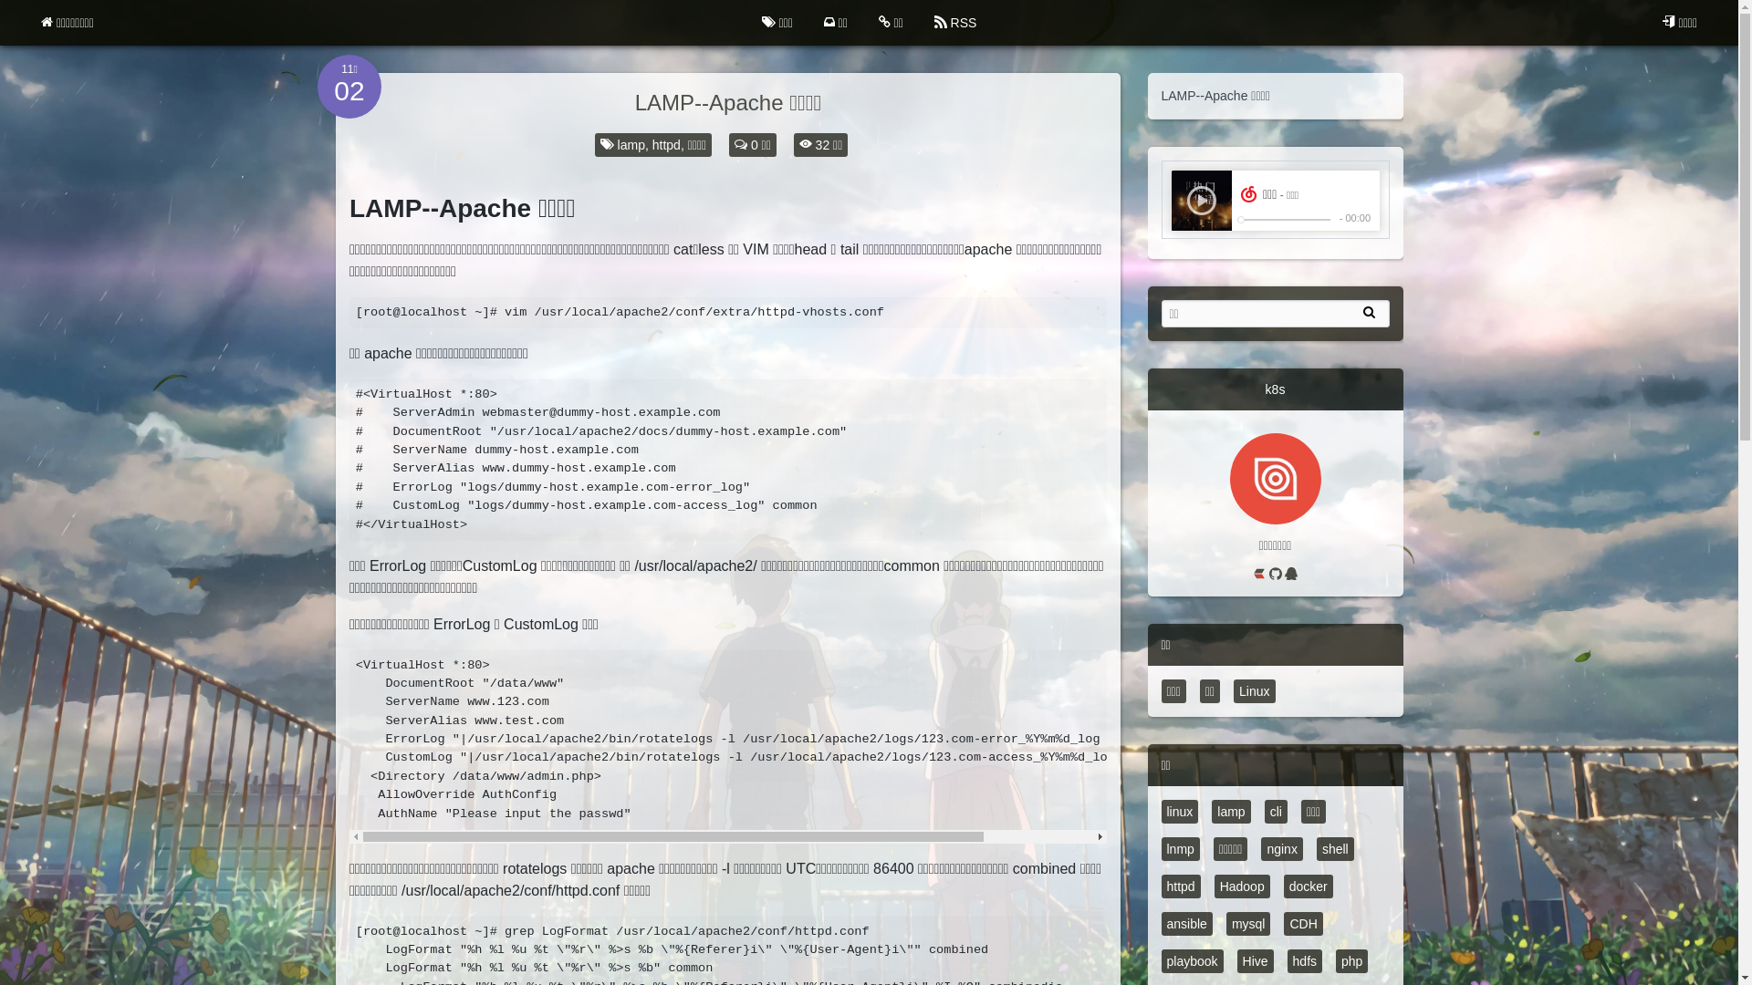 This screenshot has height=985, width=1752. What do you see at coordinates (1230, 811) in the screenshot?
I see `'lamp'` at bounding box center [1230, 811].